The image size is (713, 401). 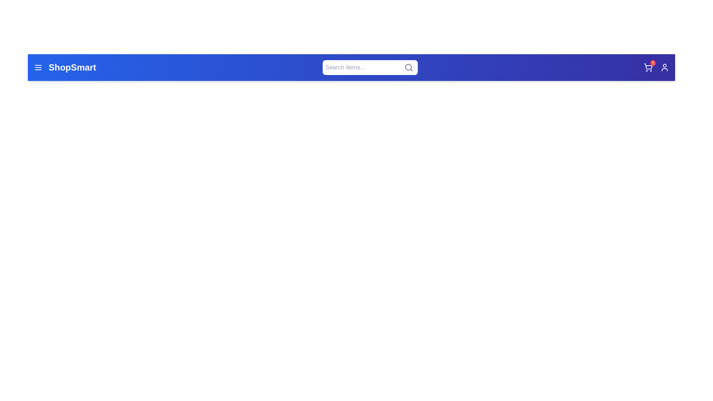 I want to click on the shopping cart icon to view items in the cart, so click(x=648, y=67).